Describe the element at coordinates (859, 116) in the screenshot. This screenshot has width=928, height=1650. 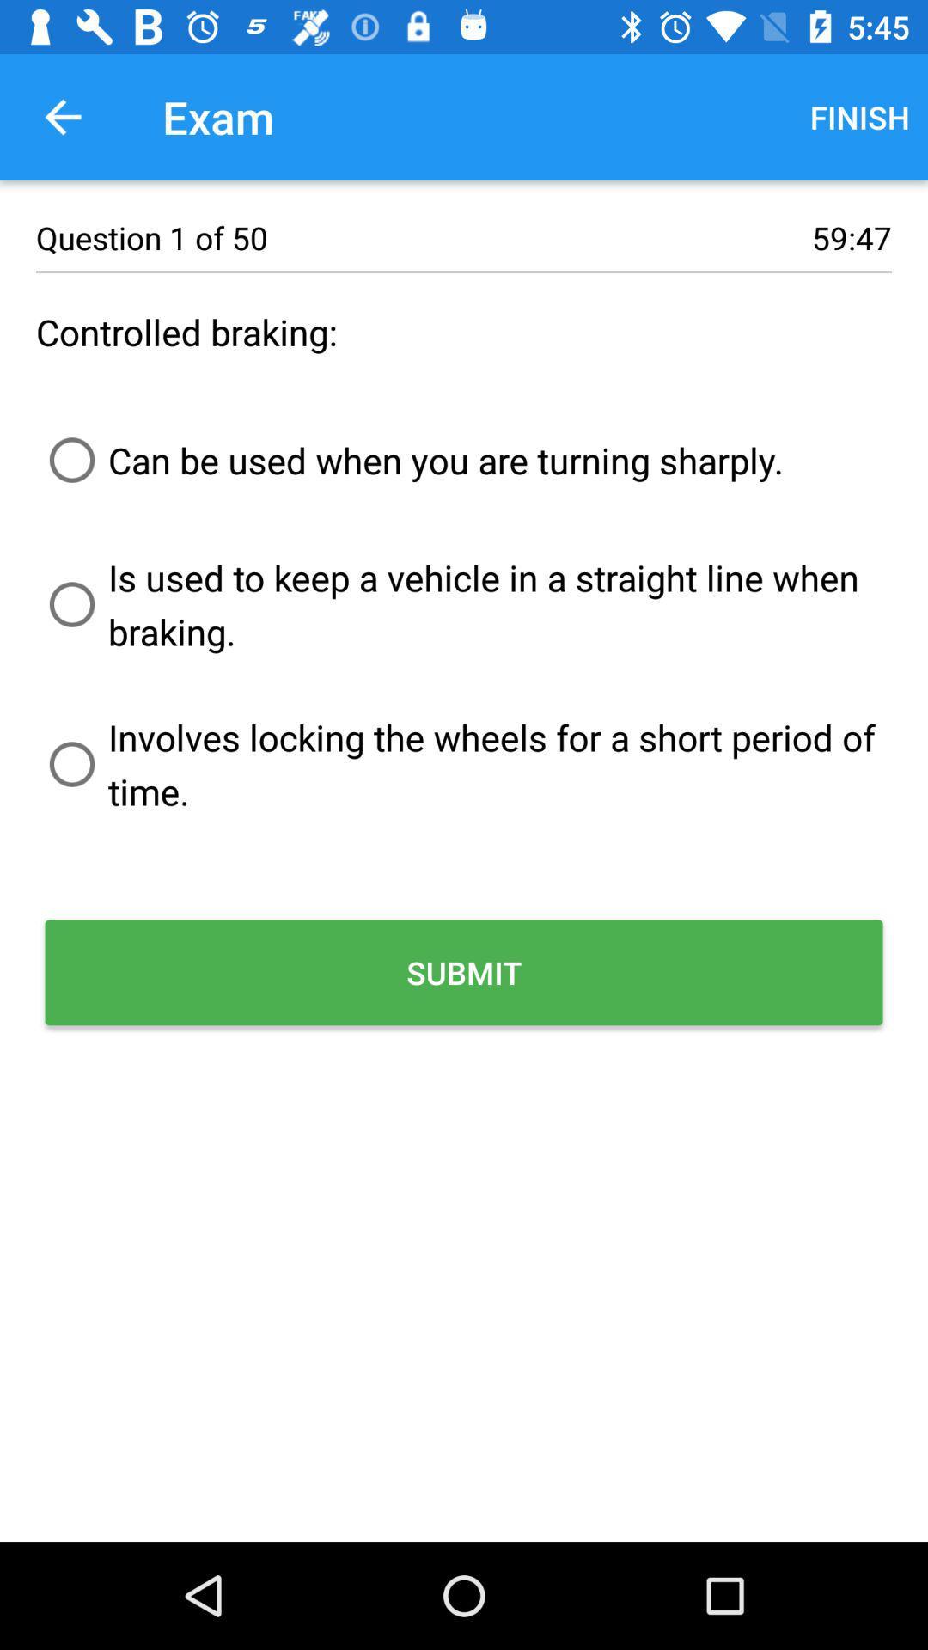
I see `item next to the exam icon` at that location.